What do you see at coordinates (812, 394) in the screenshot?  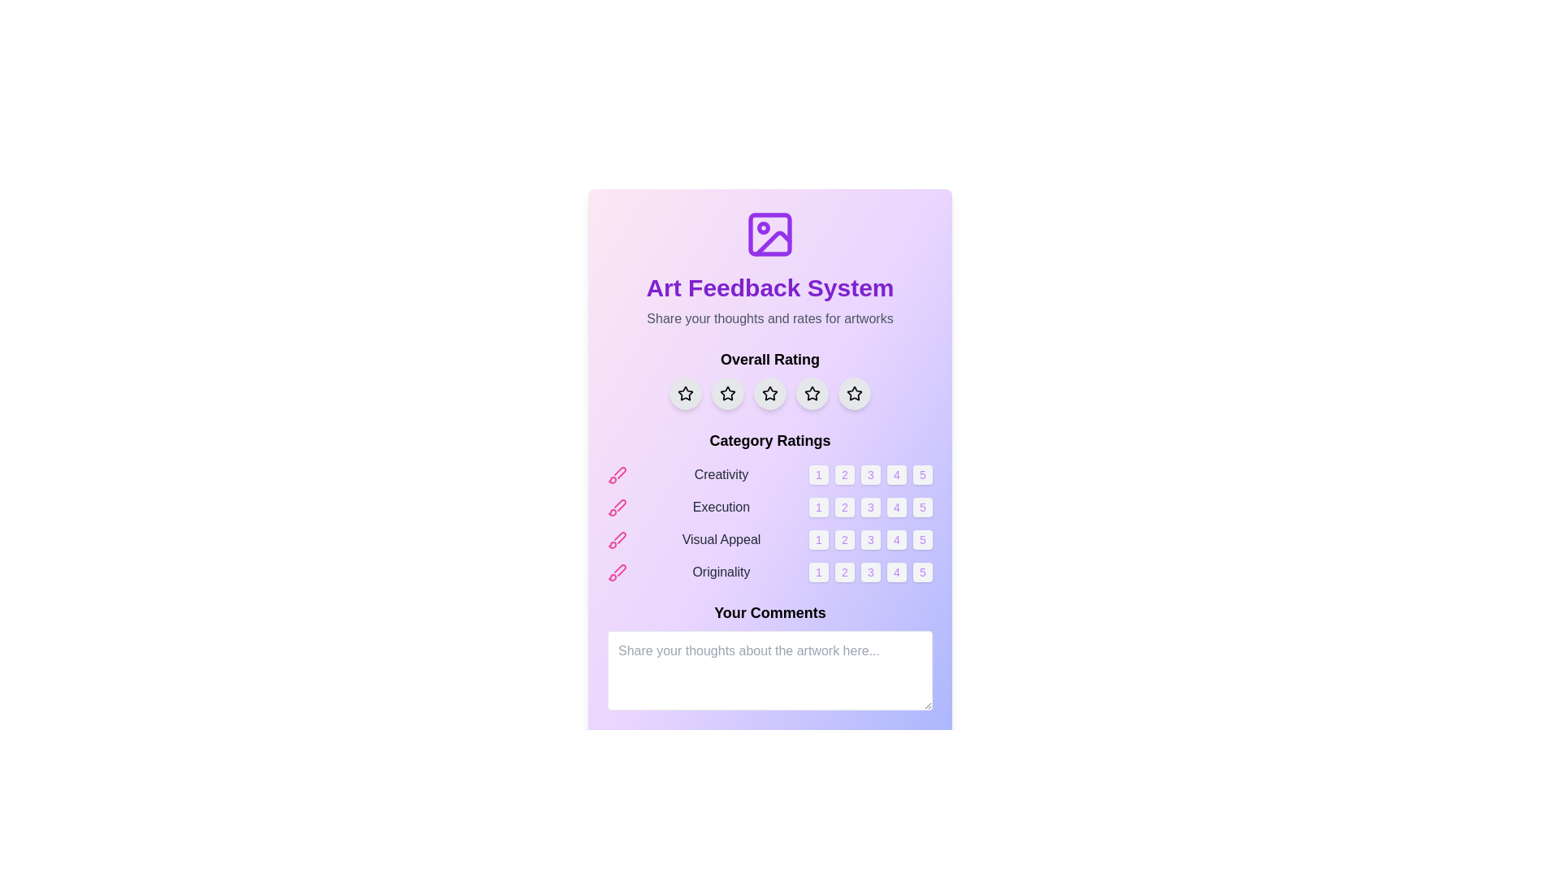 I see `the circular button with an outlined star icon located below the 'Overall Rating' heading` at bounding box center [812, 394].